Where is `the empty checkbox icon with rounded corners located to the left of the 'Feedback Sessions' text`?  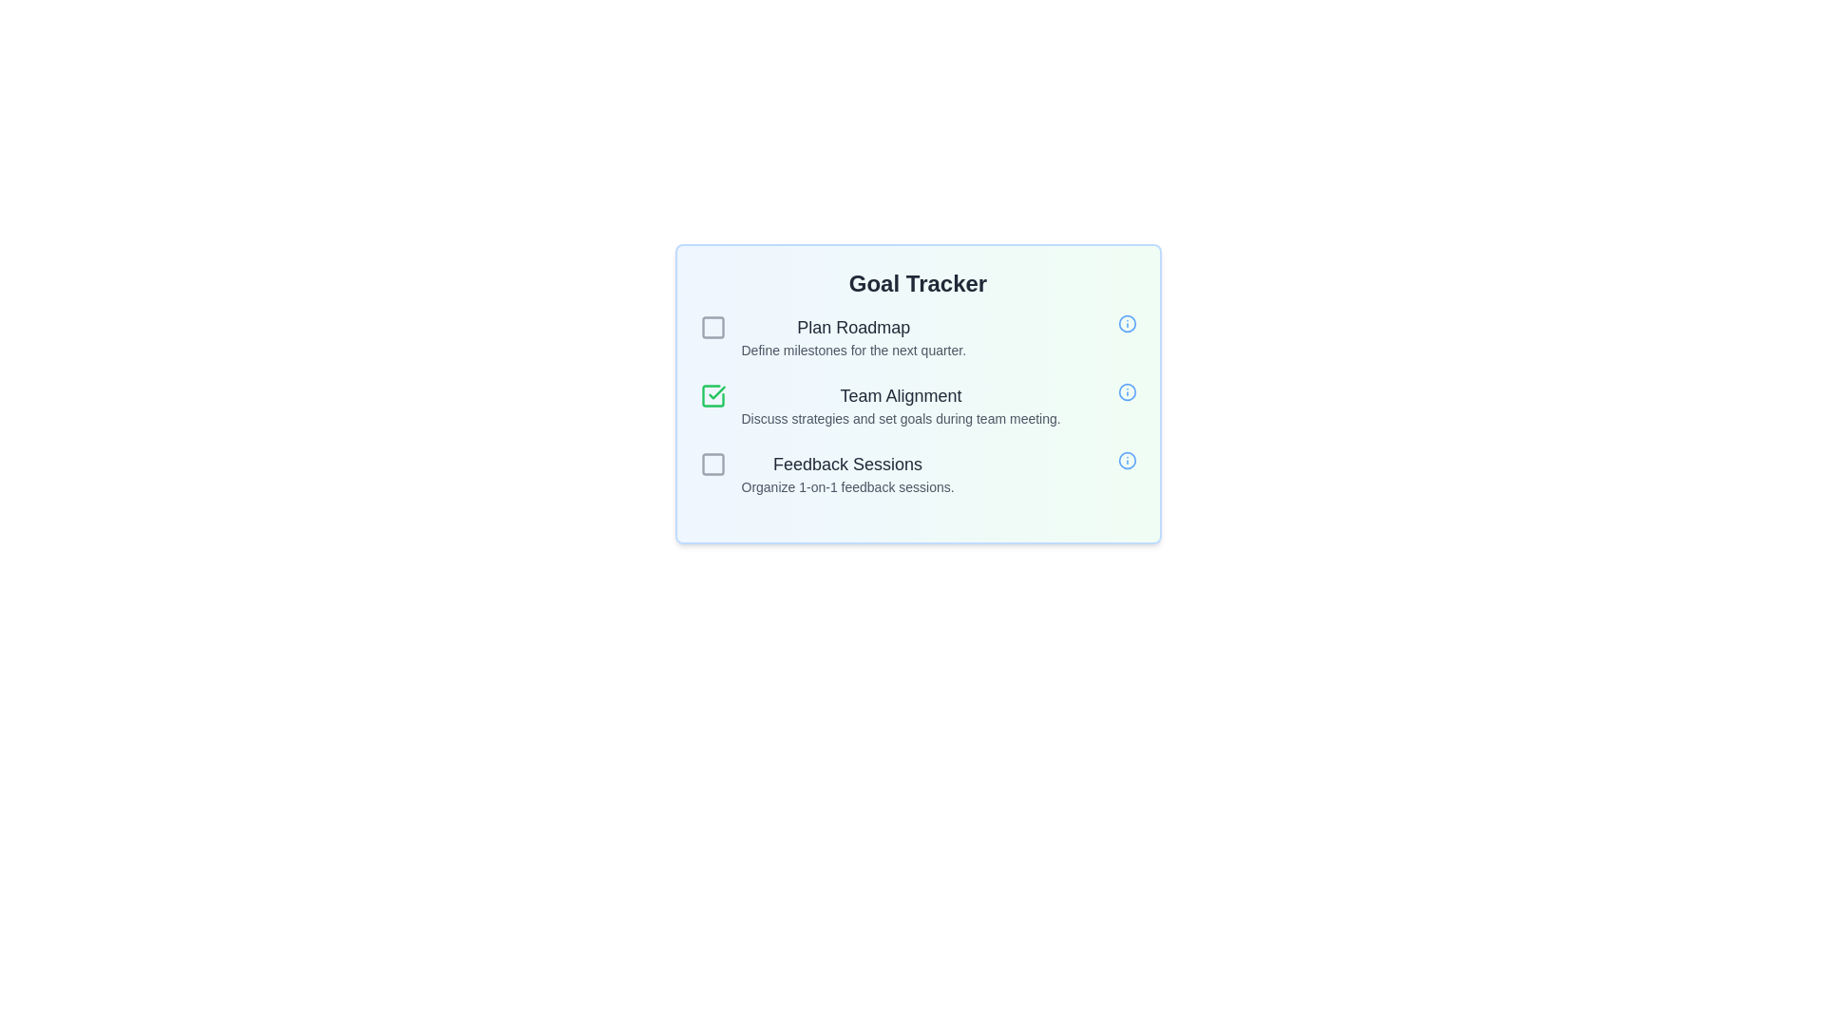
the empty checkbox icon with rounded corners located to the left of the 'Feedback Sessions' text is located at coordinates (712, 465).